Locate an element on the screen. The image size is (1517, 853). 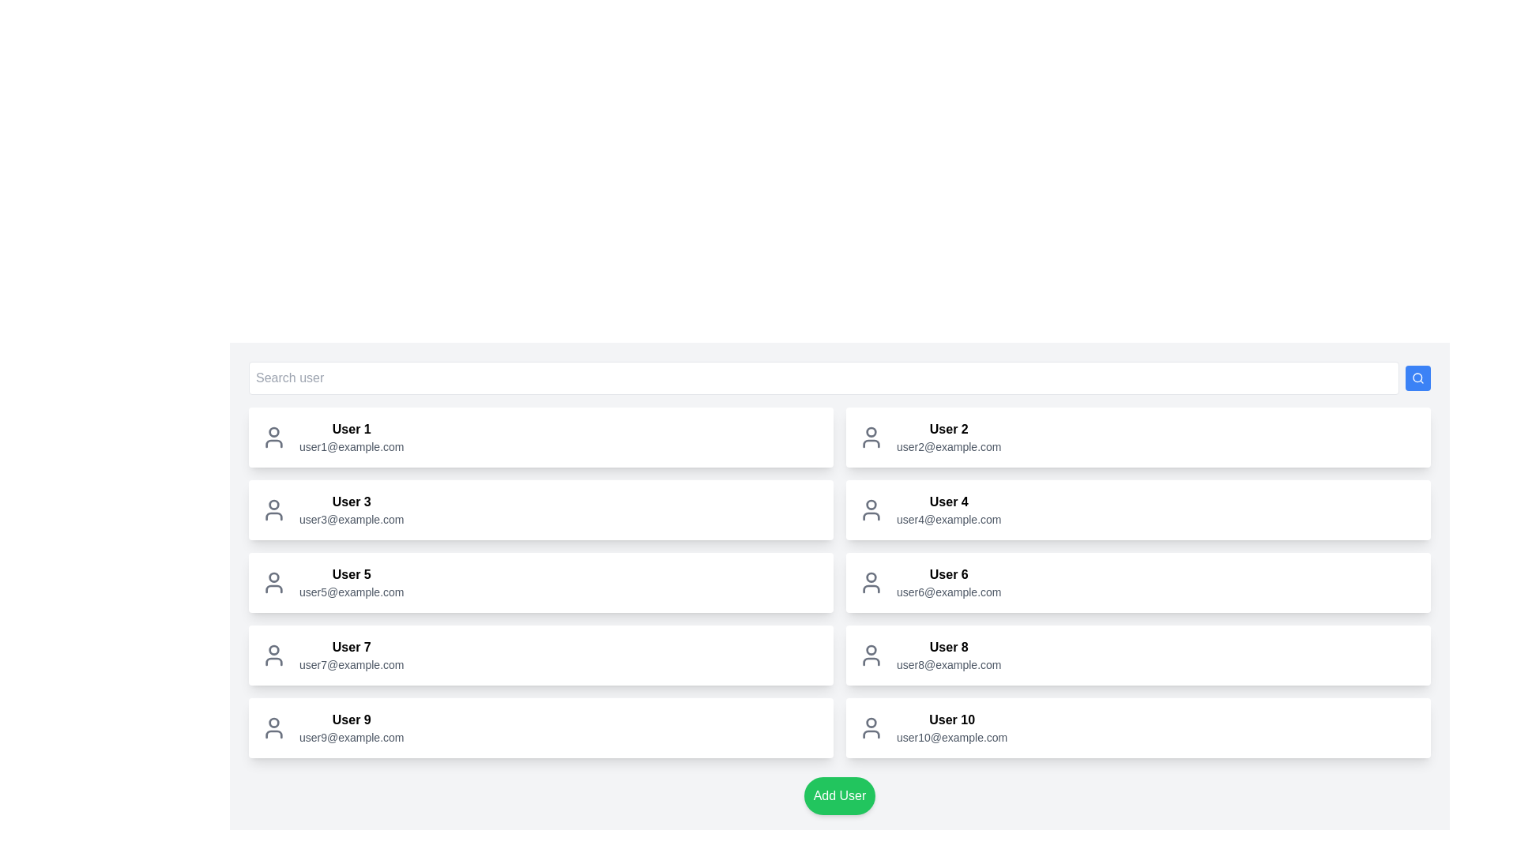
the user icon for 'User 3', which is represented by a circular outline for the head and a semicircular outline for the shoulders, styled in gray color and positioned to the left of the text 'User 3' is located at coordinates (273, 509).